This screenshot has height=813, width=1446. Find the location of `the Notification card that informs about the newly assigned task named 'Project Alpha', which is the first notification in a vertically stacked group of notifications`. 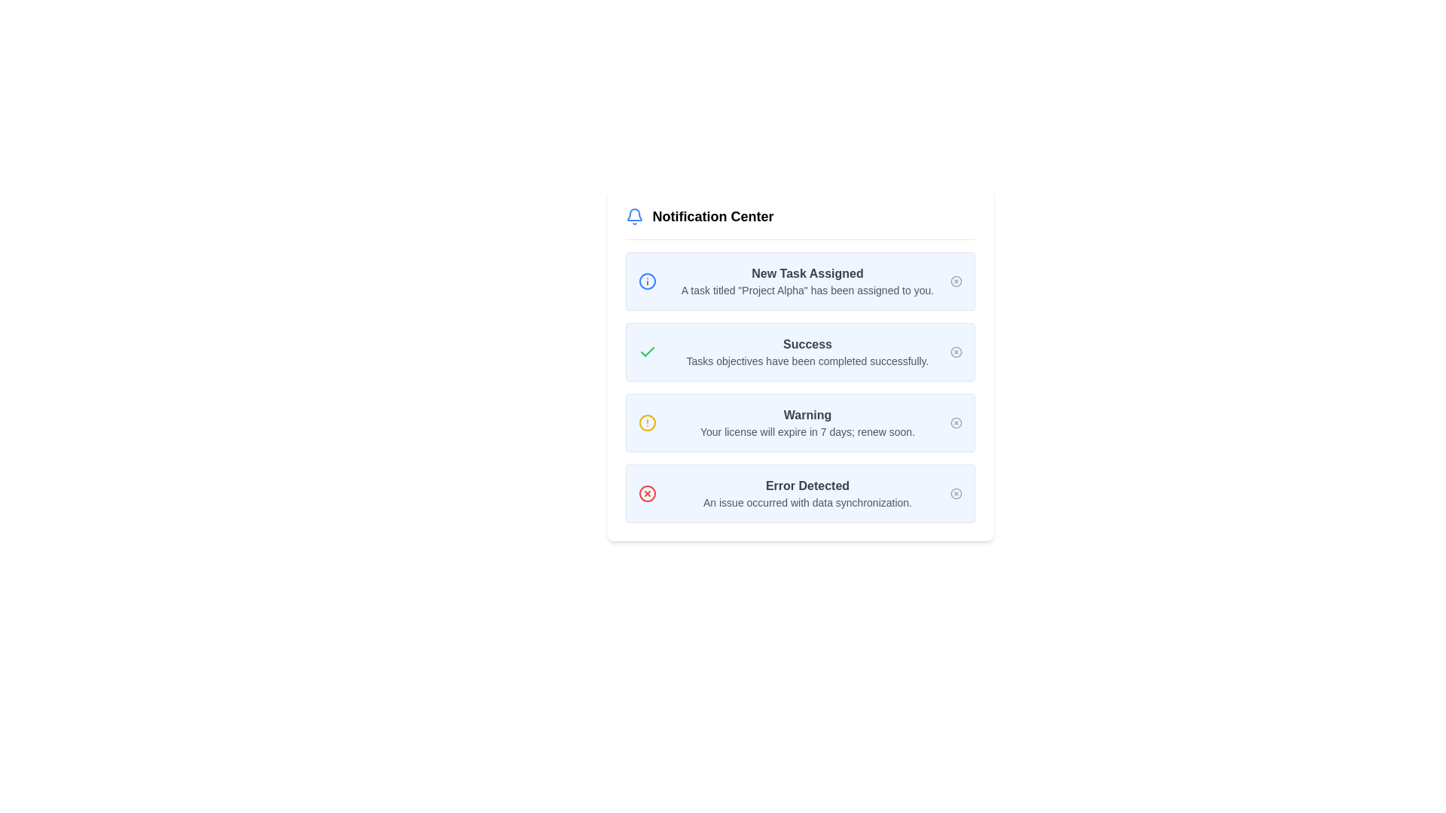

the Notification card that informs about the newly assigned task named 'Project Alpha', which is the first notification in a vertically stacked group of notifications is located at coordinates (799, 282).